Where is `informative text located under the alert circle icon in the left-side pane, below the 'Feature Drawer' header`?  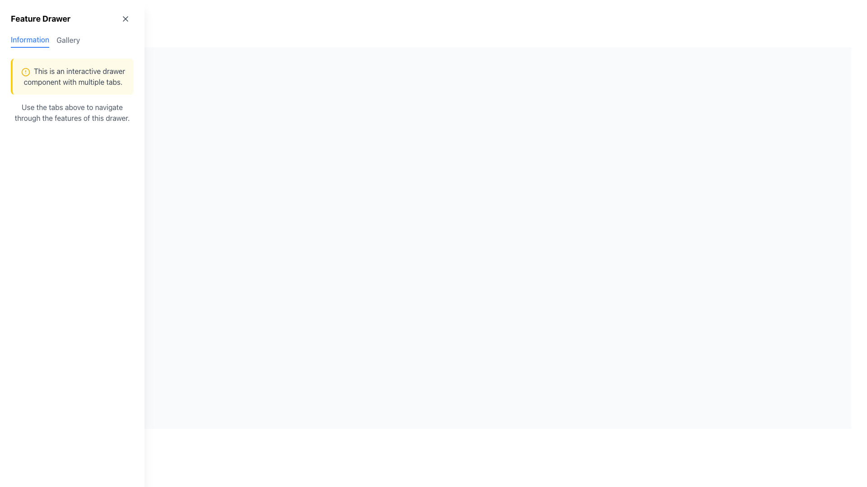 informative text located under the alert circle icon in the left-side pane, below the 'Feature Drawer' header is located at coordinates (74, 76).